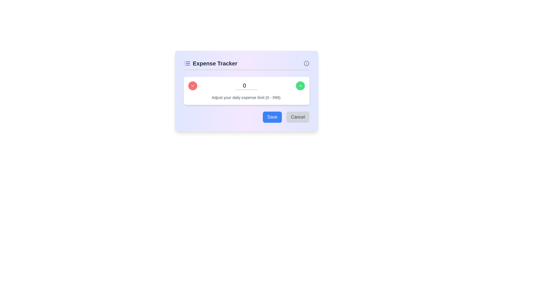  I want to click on the circular green button with a white upward-pointing chevron icon at its center to increment the value, so click(300, 86).